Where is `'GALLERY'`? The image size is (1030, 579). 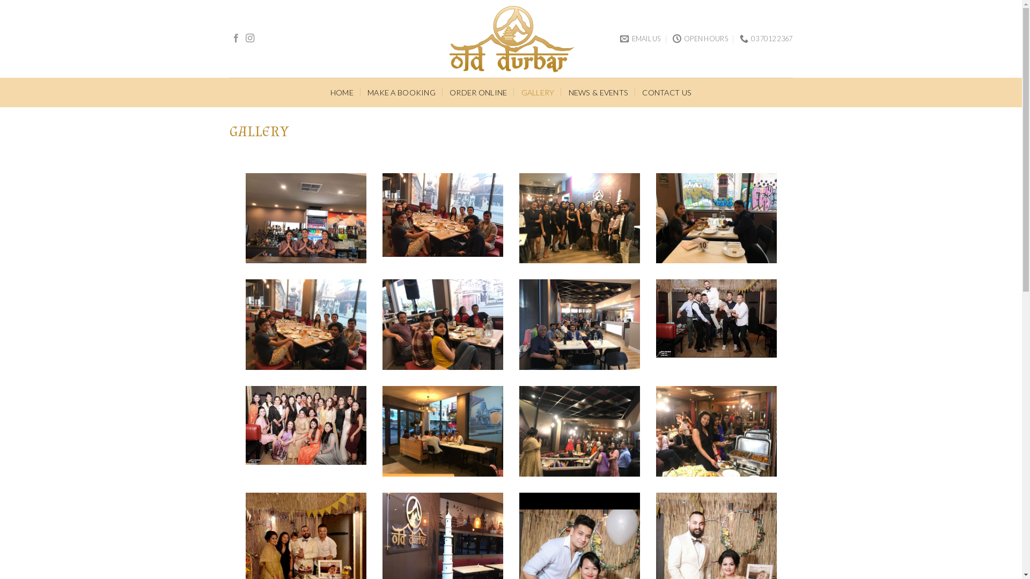 'GALLERY' is located at coordinates (538, 92).